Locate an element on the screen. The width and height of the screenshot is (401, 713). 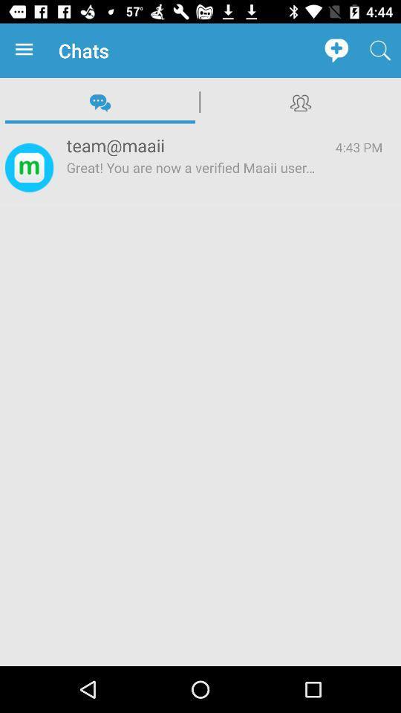
item above the great you are app is located at coordinates (192, 145).